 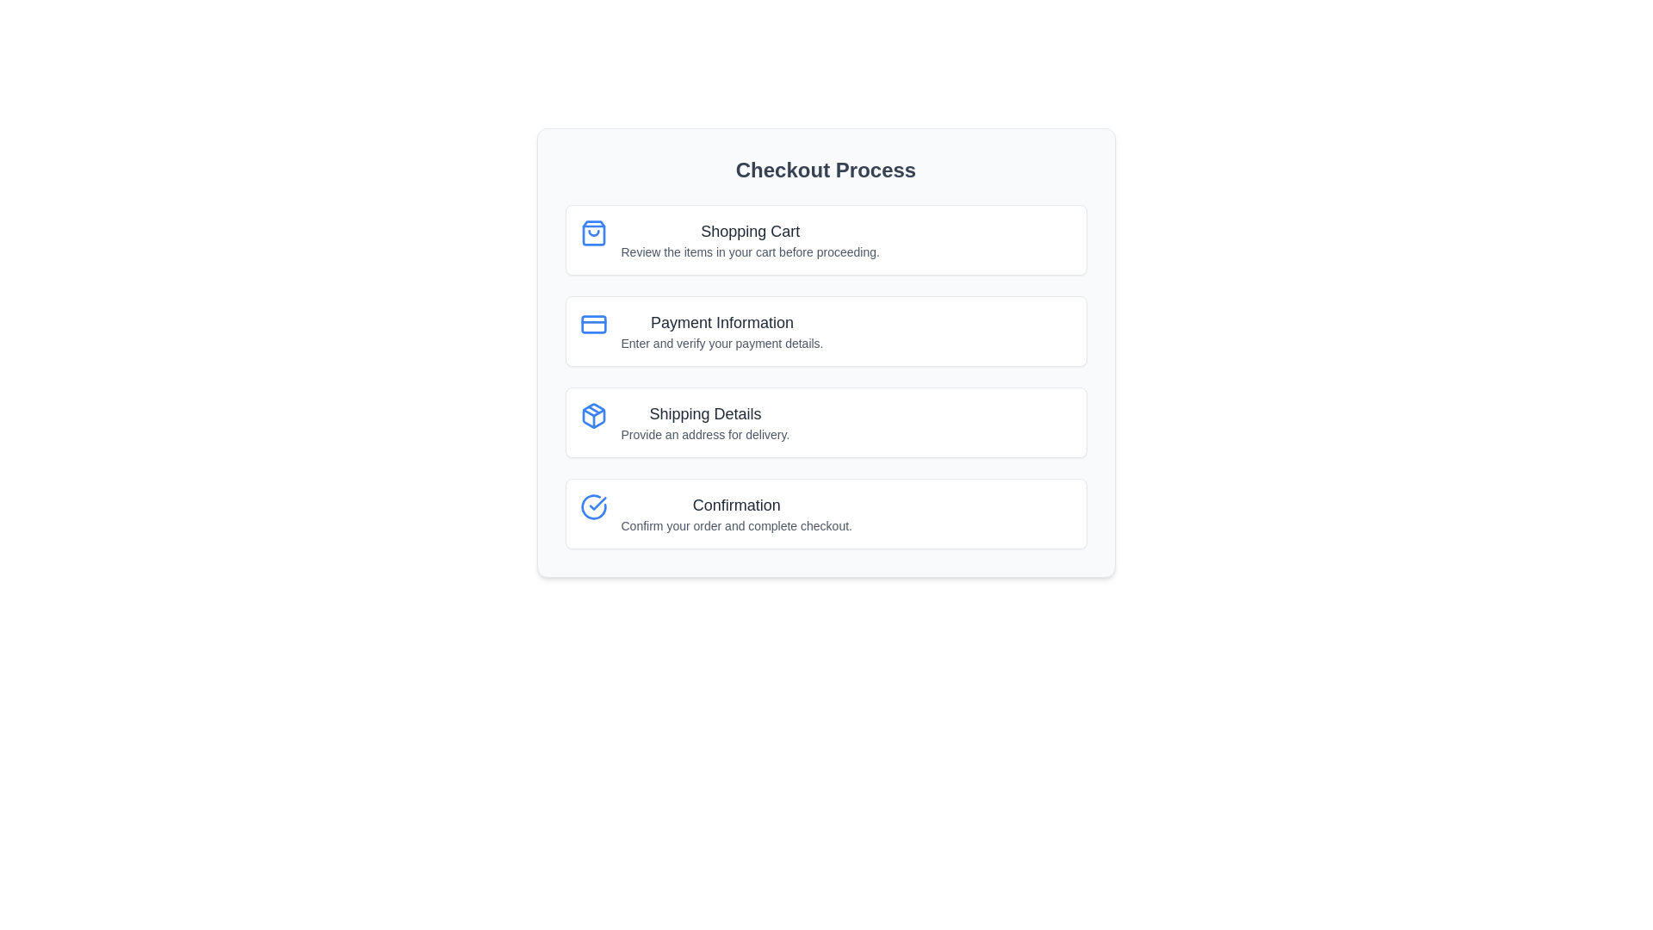 I want to click on the 'Confirmation' text label which is displayed in bold, large dark gray font, located at the bottom of the checkout process steps, just above the explanatory text, so click(x=736, y=504).